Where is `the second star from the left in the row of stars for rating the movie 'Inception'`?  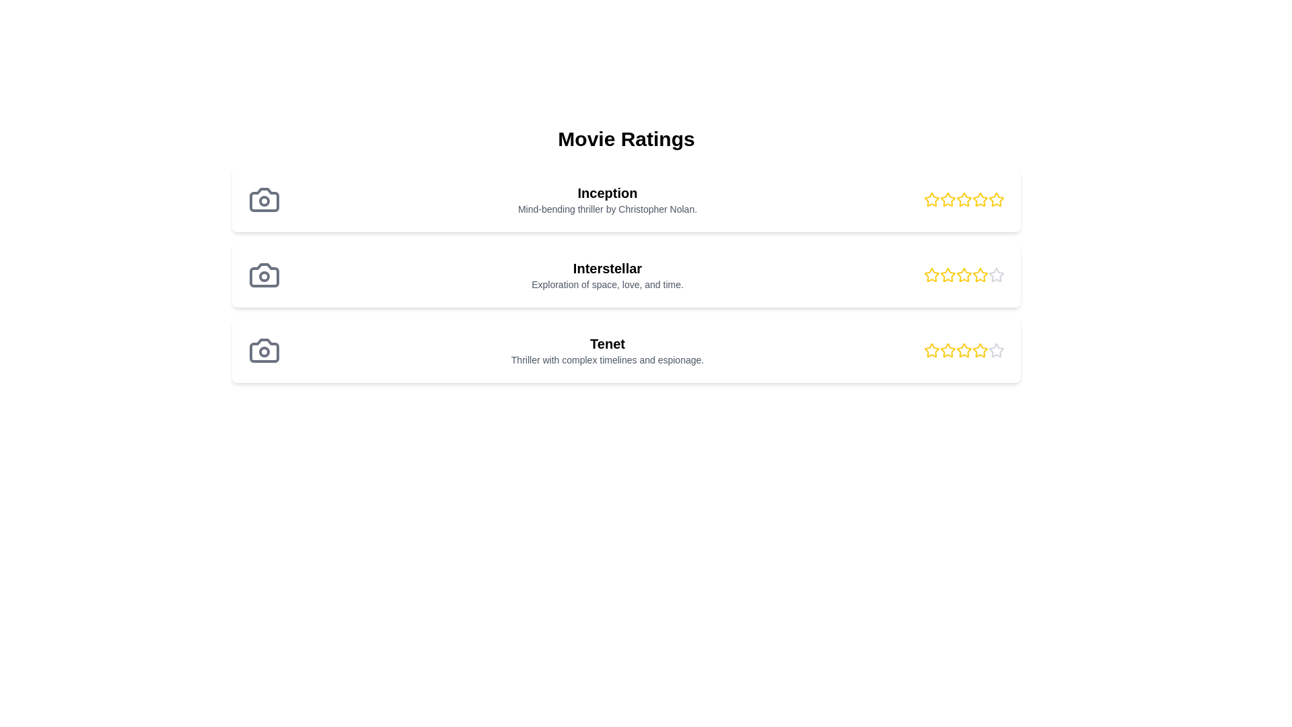
the second star from the left in the row of stars for rating the movie 'Inception' is located at coordinates (946, 199).